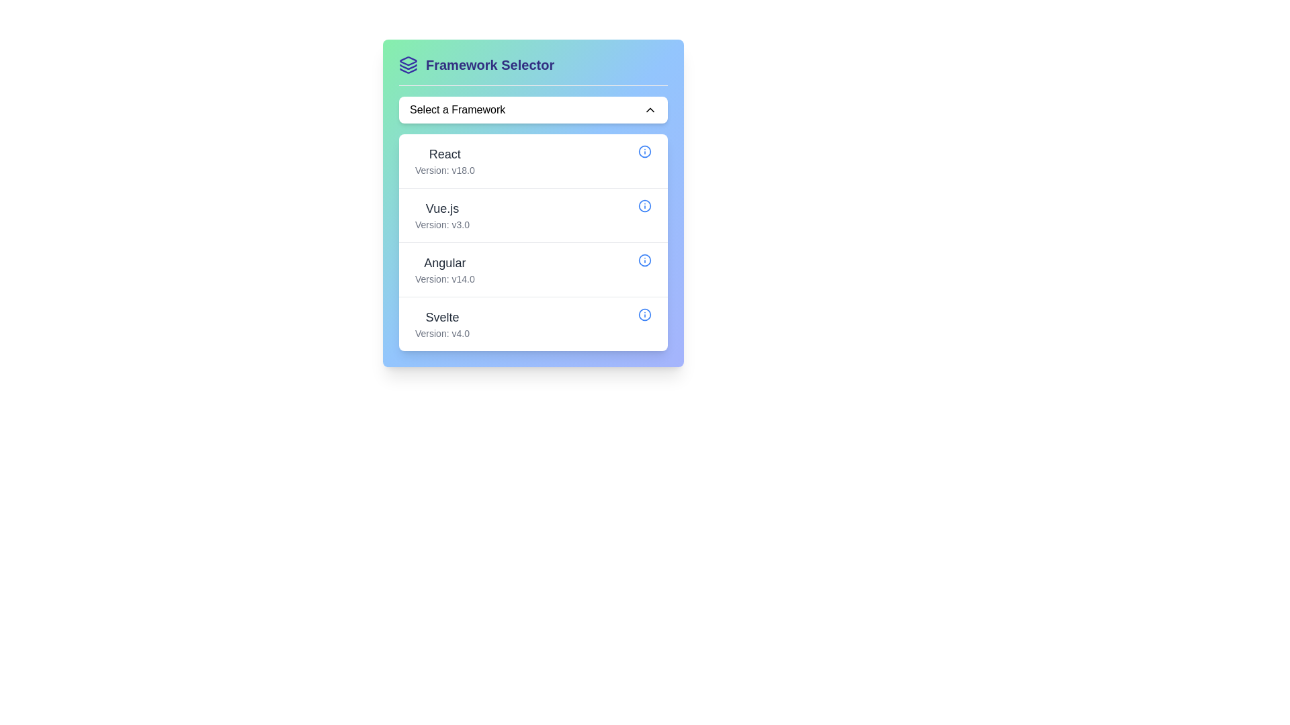 The image size is (1290, 725). What do you see at coordinates (442, 209) in the screenshot?
I see `text of the Text Label that serves as the title for the selectable framework option in the Framework Selector card UI component` at bounding box center [442, 209].